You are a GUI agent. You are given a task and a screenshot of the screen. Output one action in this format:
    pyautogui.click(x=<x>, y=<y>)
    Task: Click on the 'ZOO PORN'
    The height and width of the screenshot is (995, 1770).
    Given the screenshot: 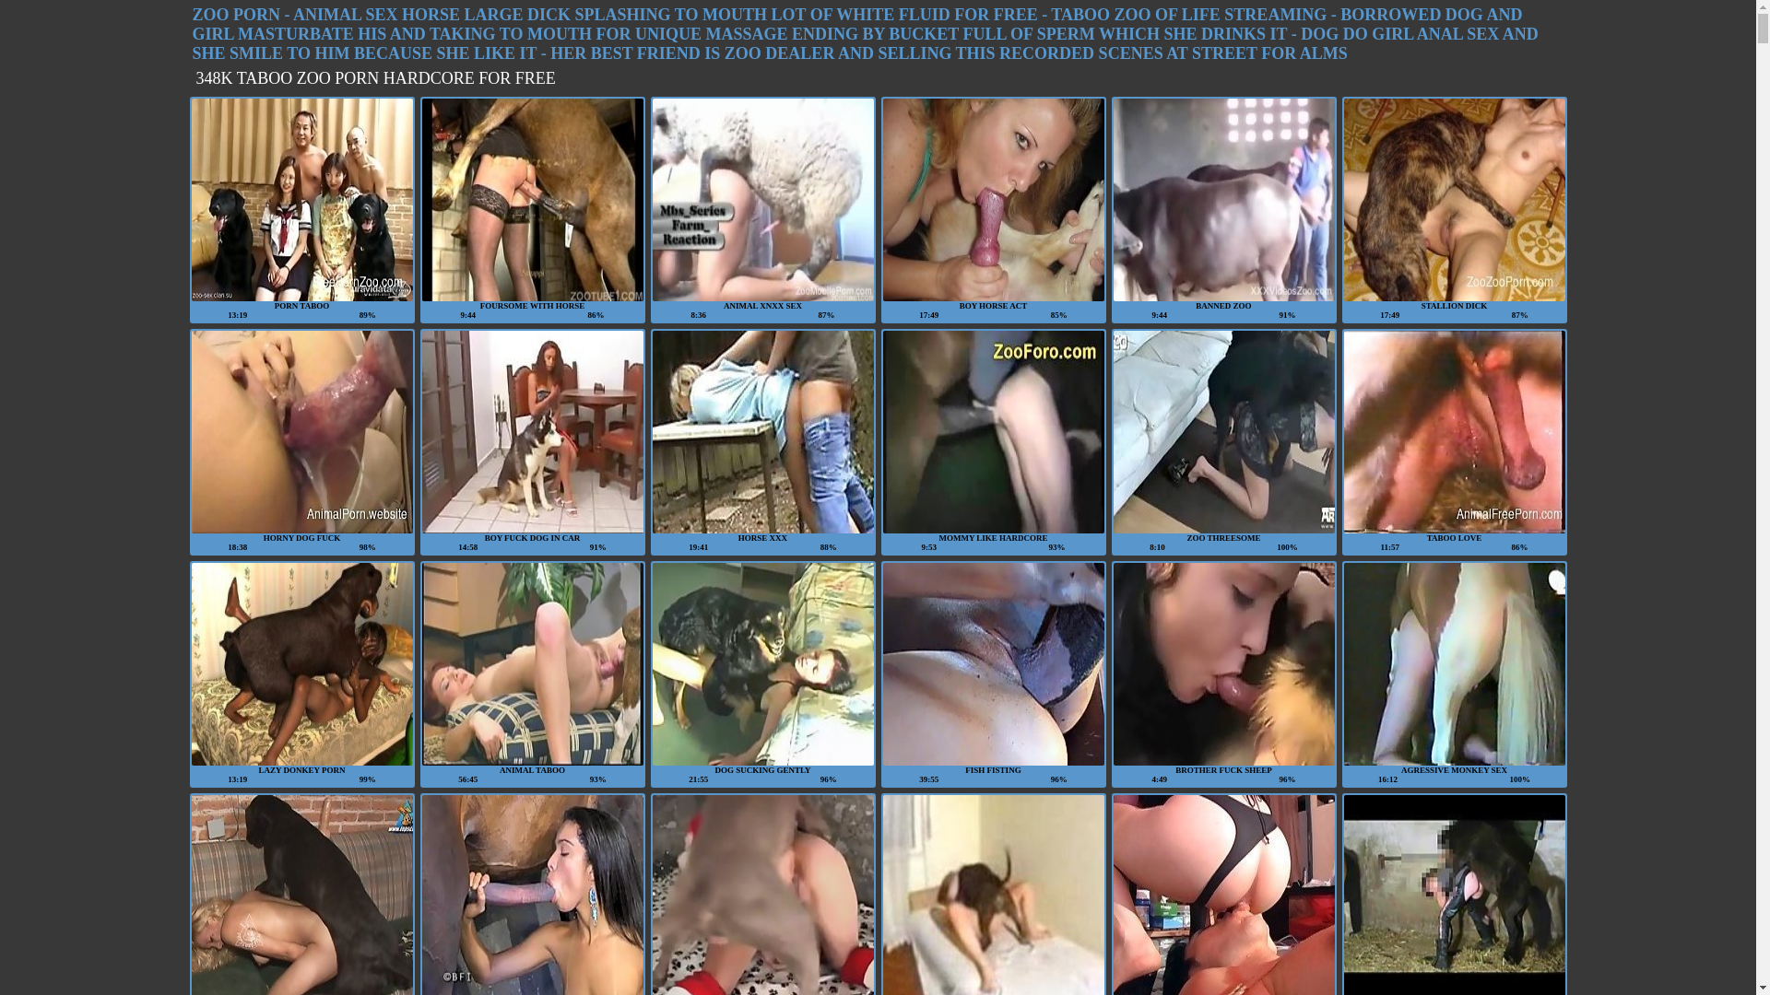 What is the action you would take?
    pyautogui.click(x=234, y=14)
    